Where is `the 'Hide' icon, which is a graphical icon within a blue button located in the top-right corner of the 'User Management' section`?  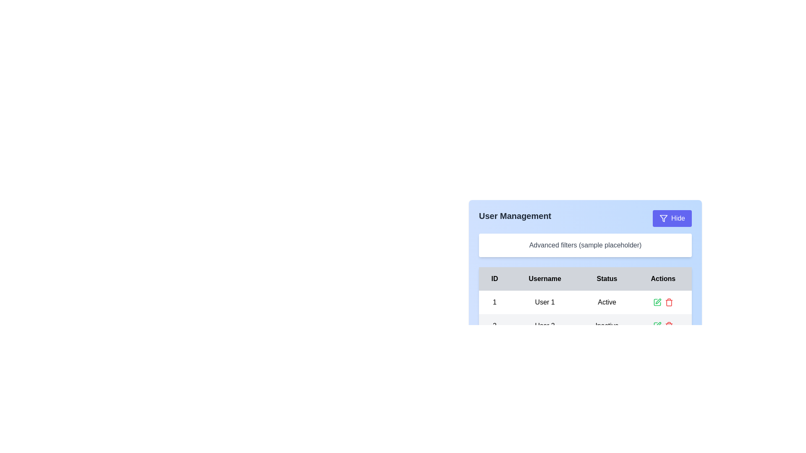
the 'Hide' icon, which is a graphical icon within a blue button located in the top-right corner of the 'User Management' section is located at coordinates (663, 218).